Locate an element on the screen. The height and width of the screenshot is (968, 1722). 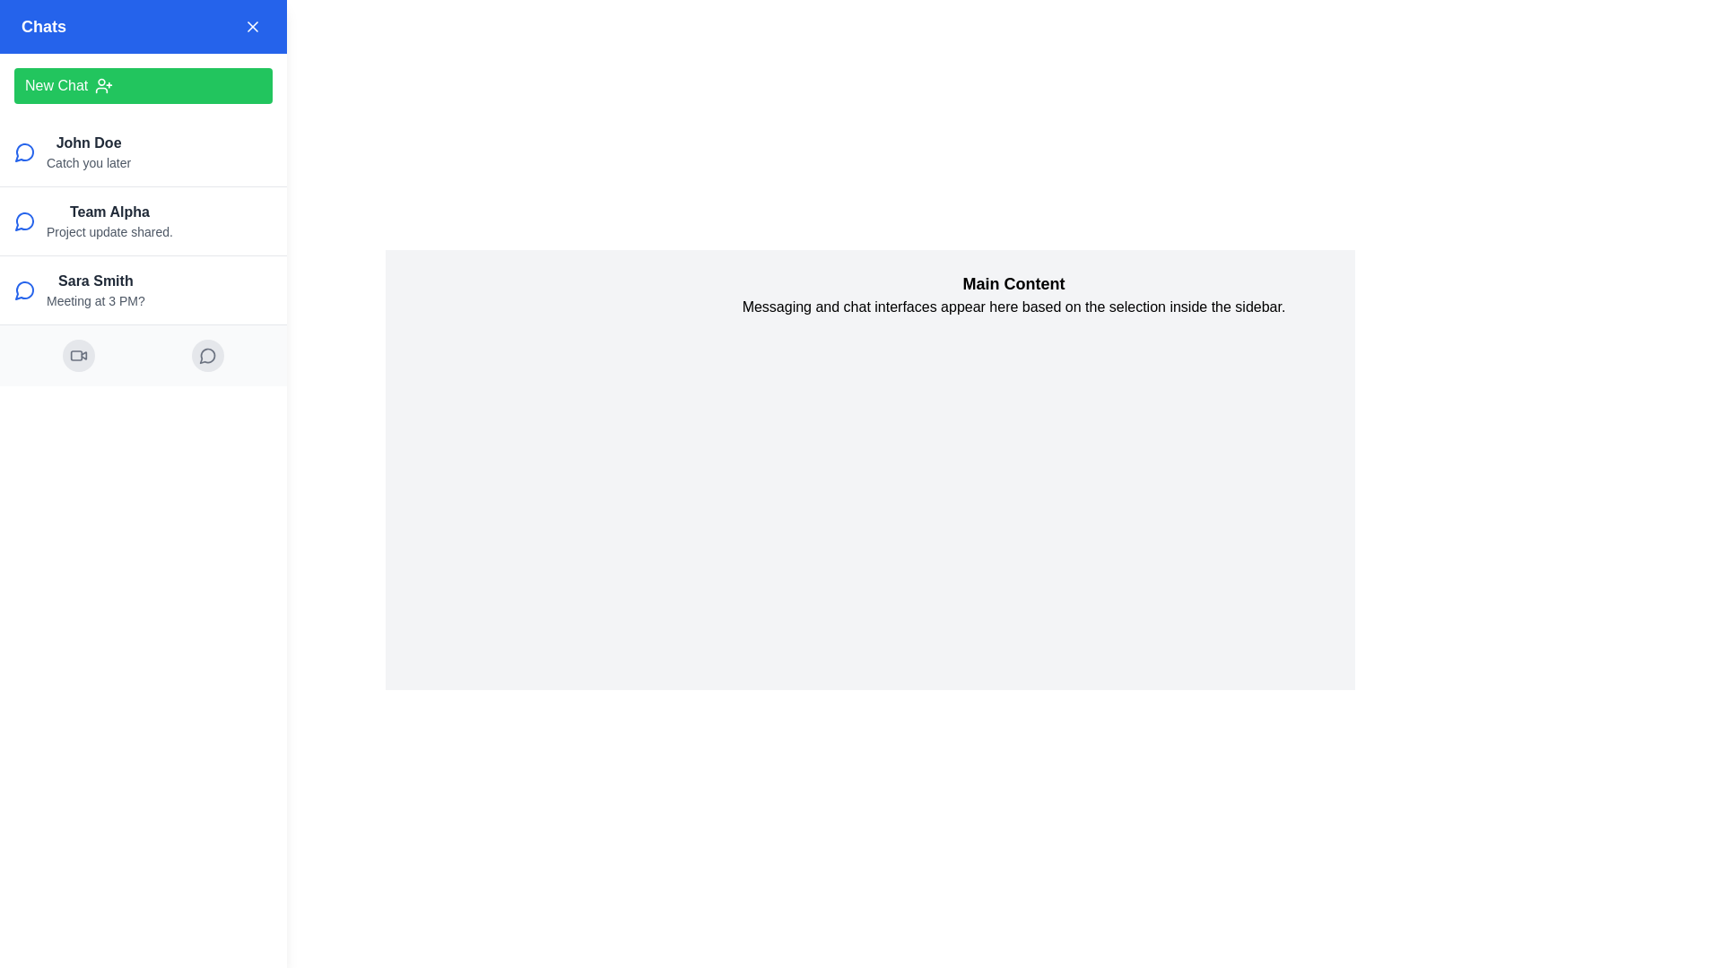
the bold text label displaying 'John Doe' in the left sidebar, which is located above the subtitle 'Catch you later' is located at coordinates (88, 142).